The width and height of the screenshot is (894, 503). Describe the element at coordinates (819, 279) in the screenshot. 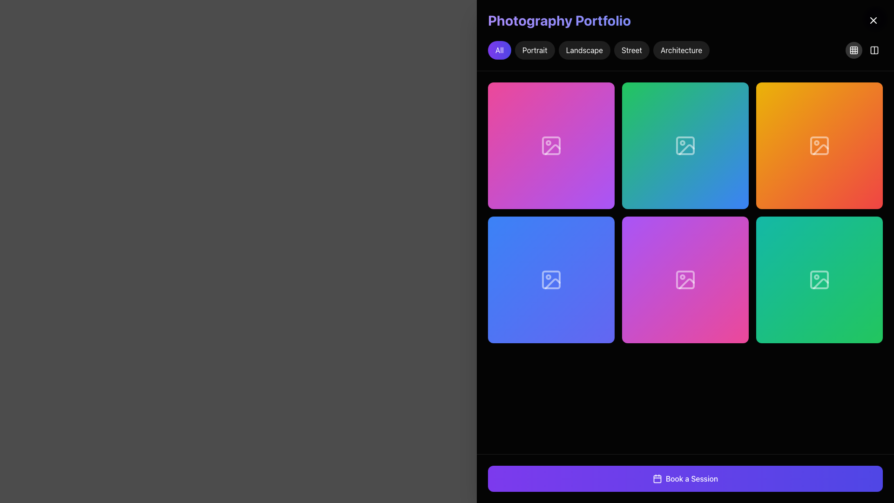

I see `the Share icon within the circular button located at the top-right corner of the interface` at that location.